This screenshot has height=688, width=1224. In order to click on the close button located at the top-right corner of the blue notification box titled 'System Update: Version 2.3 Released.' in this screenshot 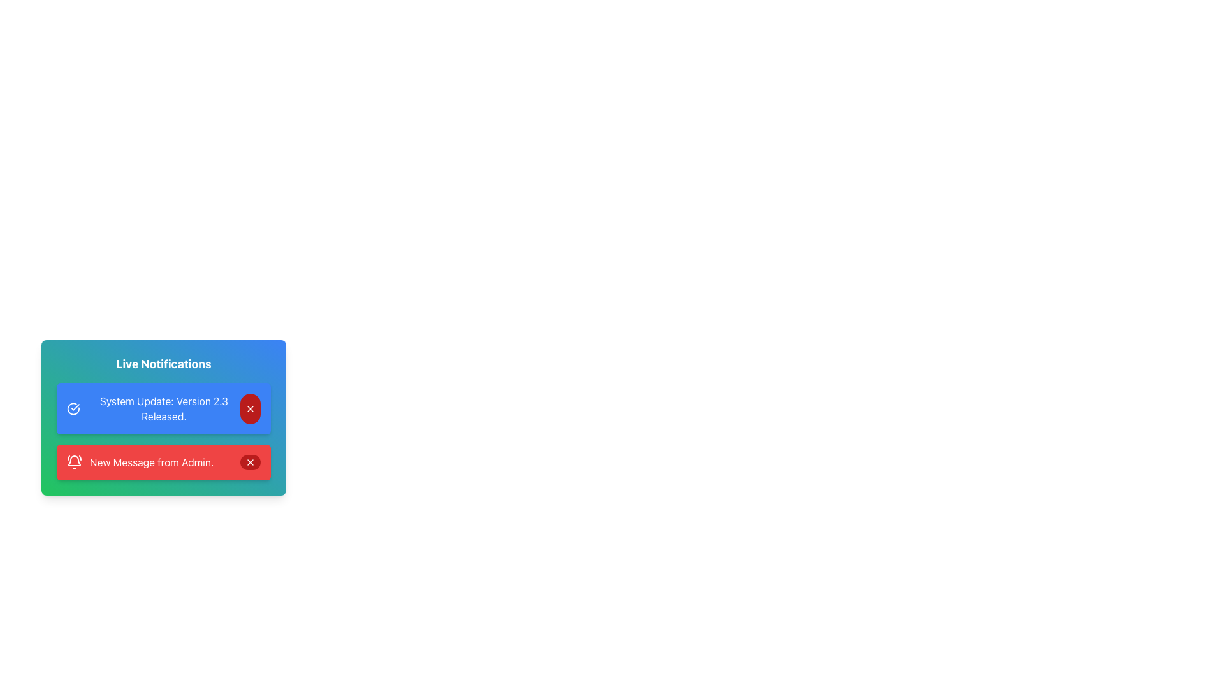, I will do `click(251, 408)`.